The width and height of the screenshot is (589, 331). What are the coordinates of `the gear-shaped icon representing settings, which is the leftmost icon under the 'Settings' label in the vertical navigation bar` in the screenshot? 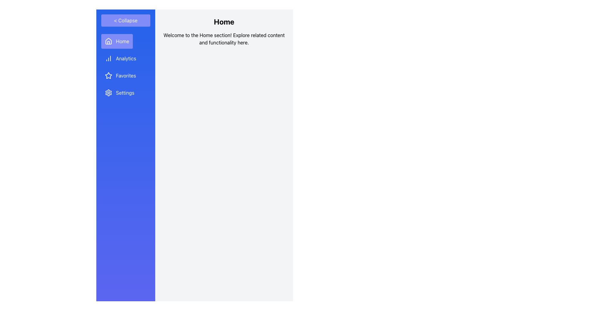 It's located at (109, 93).